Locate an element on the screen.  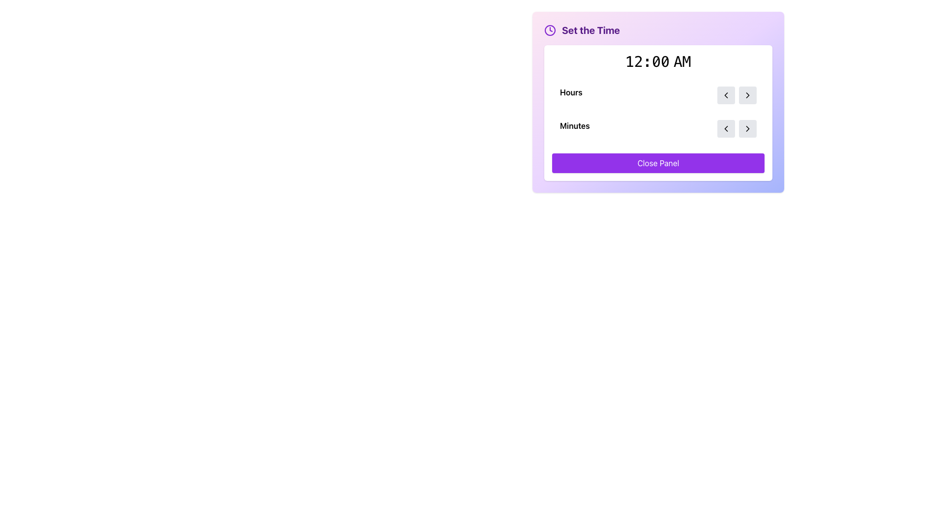
the small, rounded rectangular button with a light gray background that contains a right-pointing chevron icon, located to the right of a pair of buttons in the time-setting panel, aligned with the 'Hours' label is located at coordinates (747, 95).